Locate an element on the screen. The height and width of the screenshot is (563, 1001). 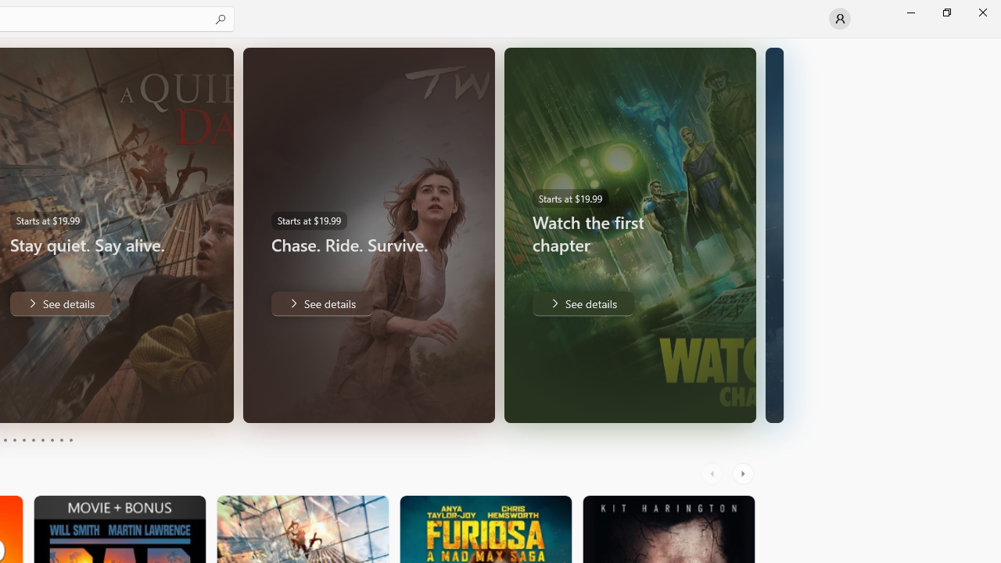
'Page 10' is located at coordinates (70, 440).